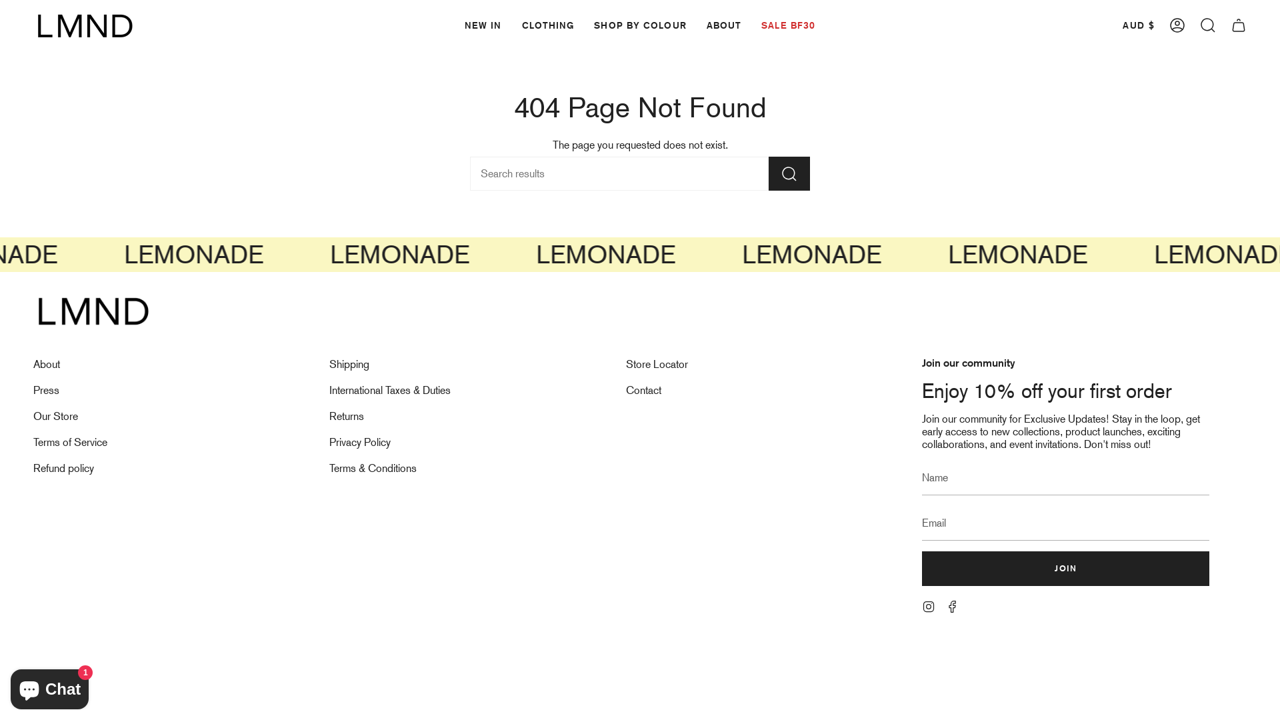 This screenshot has width=1280, height=720. What do you see at coordinates (657, 364) in the screenshot?
I see `'Store Locator'` at bounding box center [657, 364].